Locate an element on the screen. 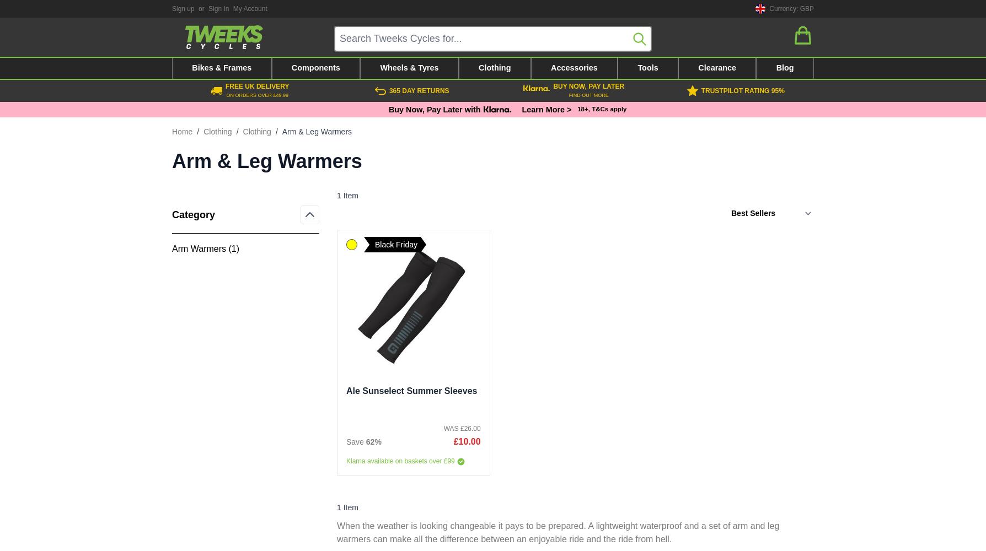 The width and height of the screenshot is (986, 551). 'Wheels & Tyres' is located at coordinates (379, 67).